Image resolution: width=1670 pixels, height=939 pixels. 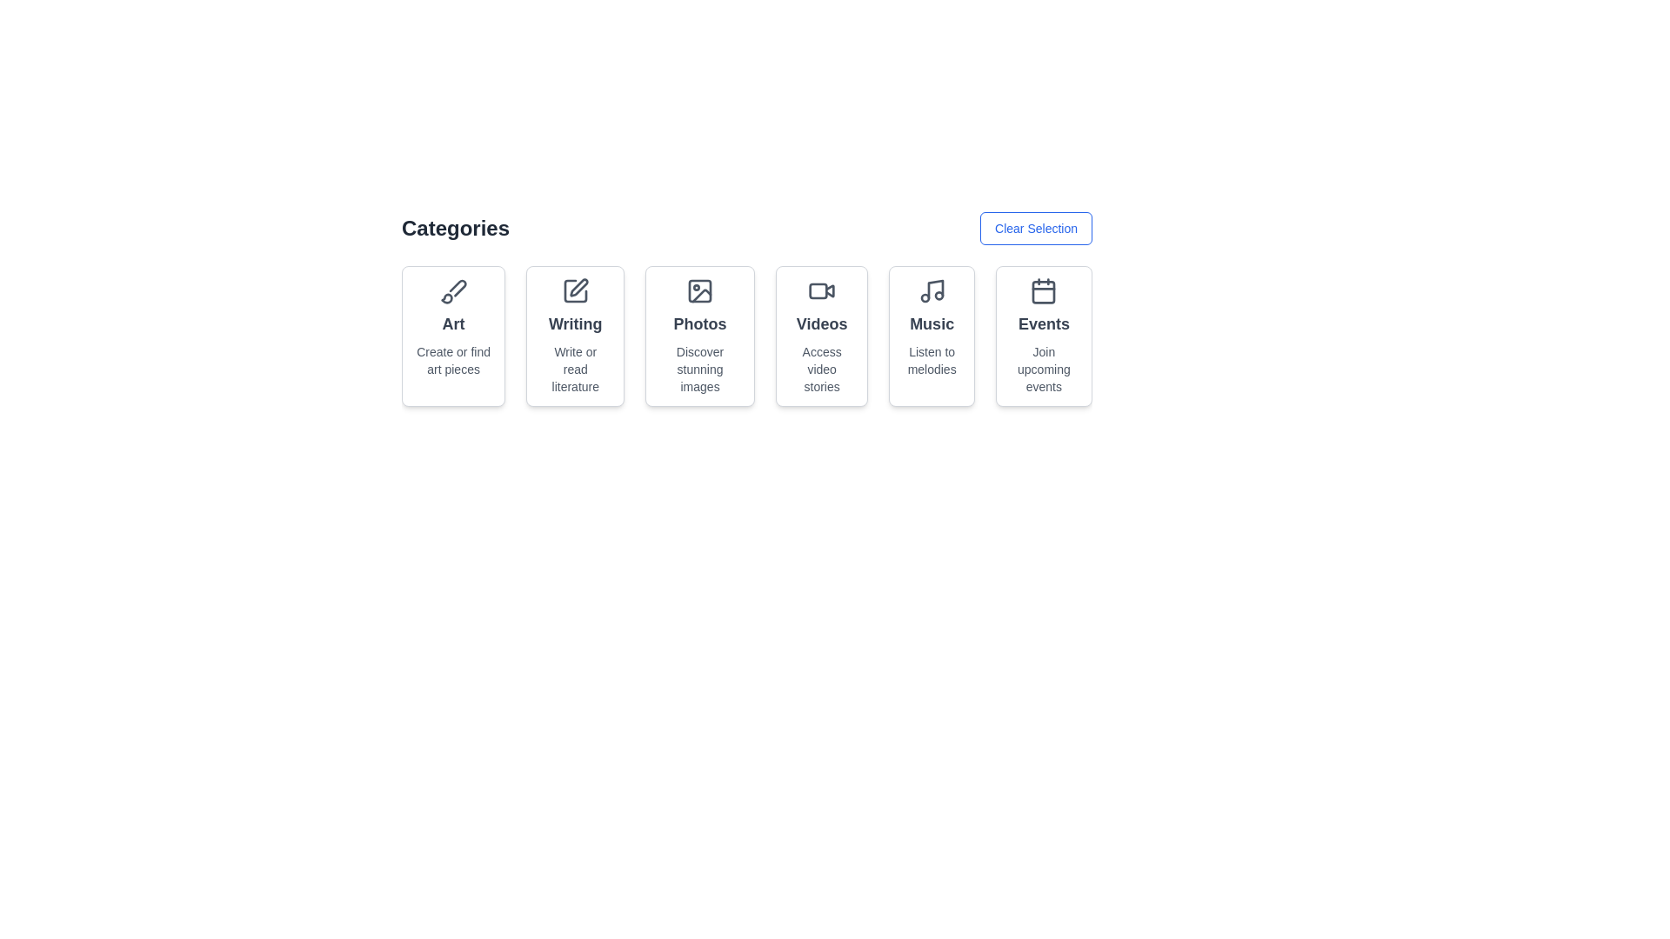 What do you see at coordinates (931, 290) in the screenshot?
I see `the musical note icon, which is styled with a thin stroke and located above the 'Music' and 'Listen to melodies' text in the card-like structure` at bounding box center [931, 290].